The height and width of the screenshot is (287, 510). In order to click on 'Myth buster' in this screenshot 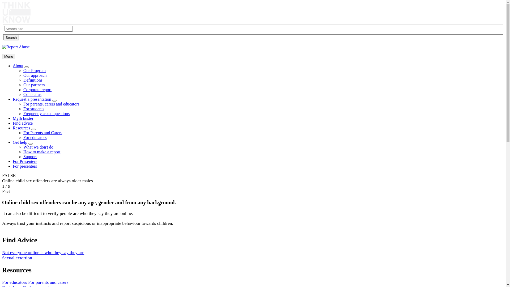, I will do `click(13, 118)`.